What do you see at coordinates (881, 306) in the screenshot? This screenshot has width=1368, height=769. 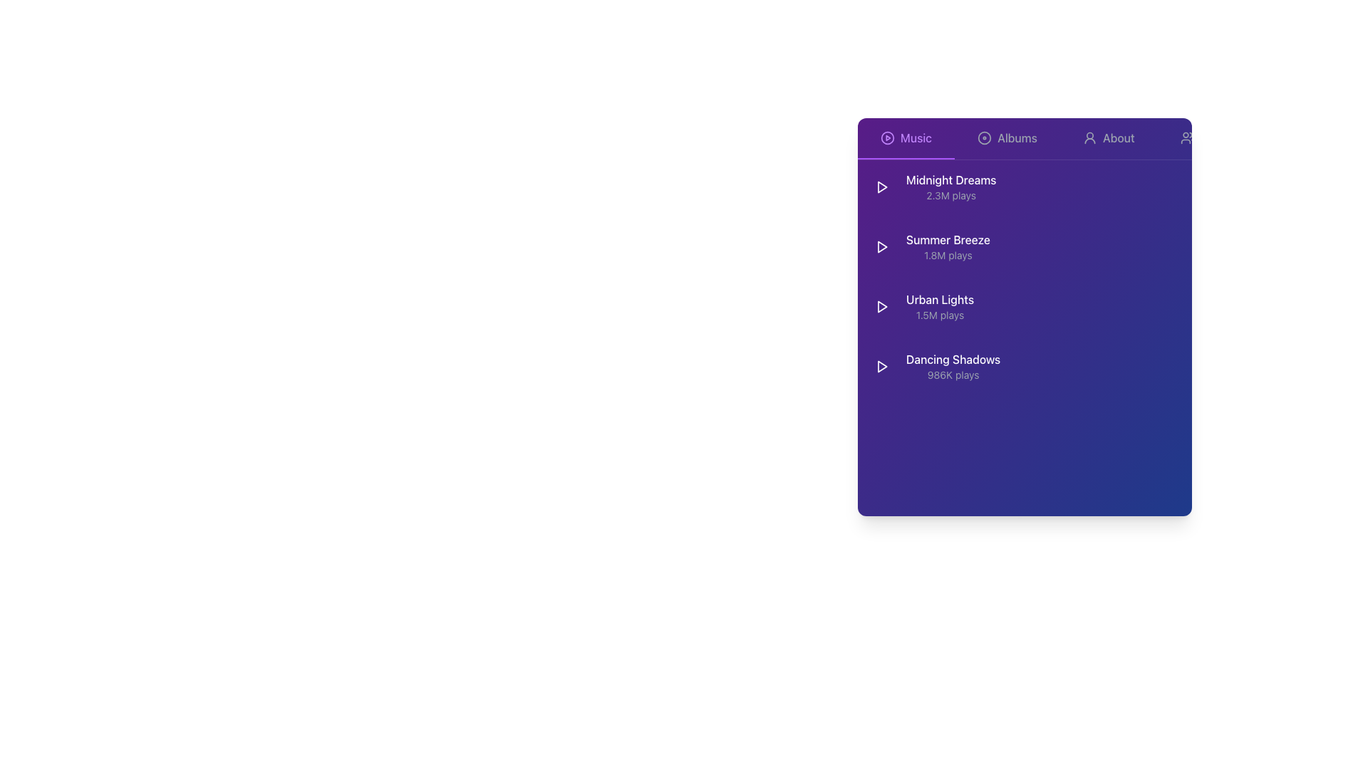 I see `the play button located to the left of the 'Urban Lights' text label` at bounding box center [881, 306].